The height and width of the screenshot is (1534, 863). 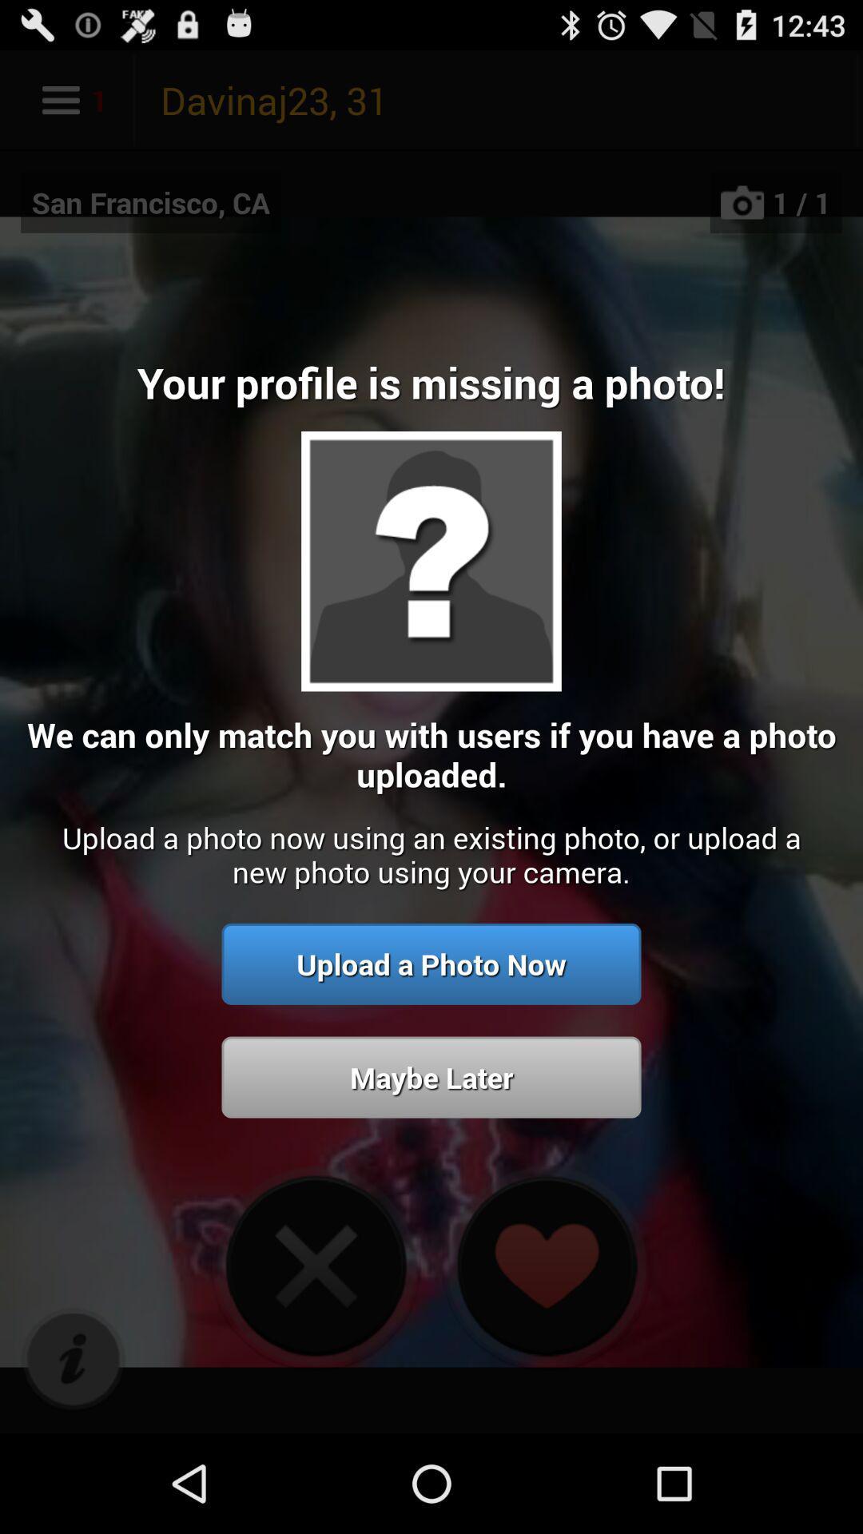 I want to click on button at the bottom left corner, so click(x=73, y=1359).